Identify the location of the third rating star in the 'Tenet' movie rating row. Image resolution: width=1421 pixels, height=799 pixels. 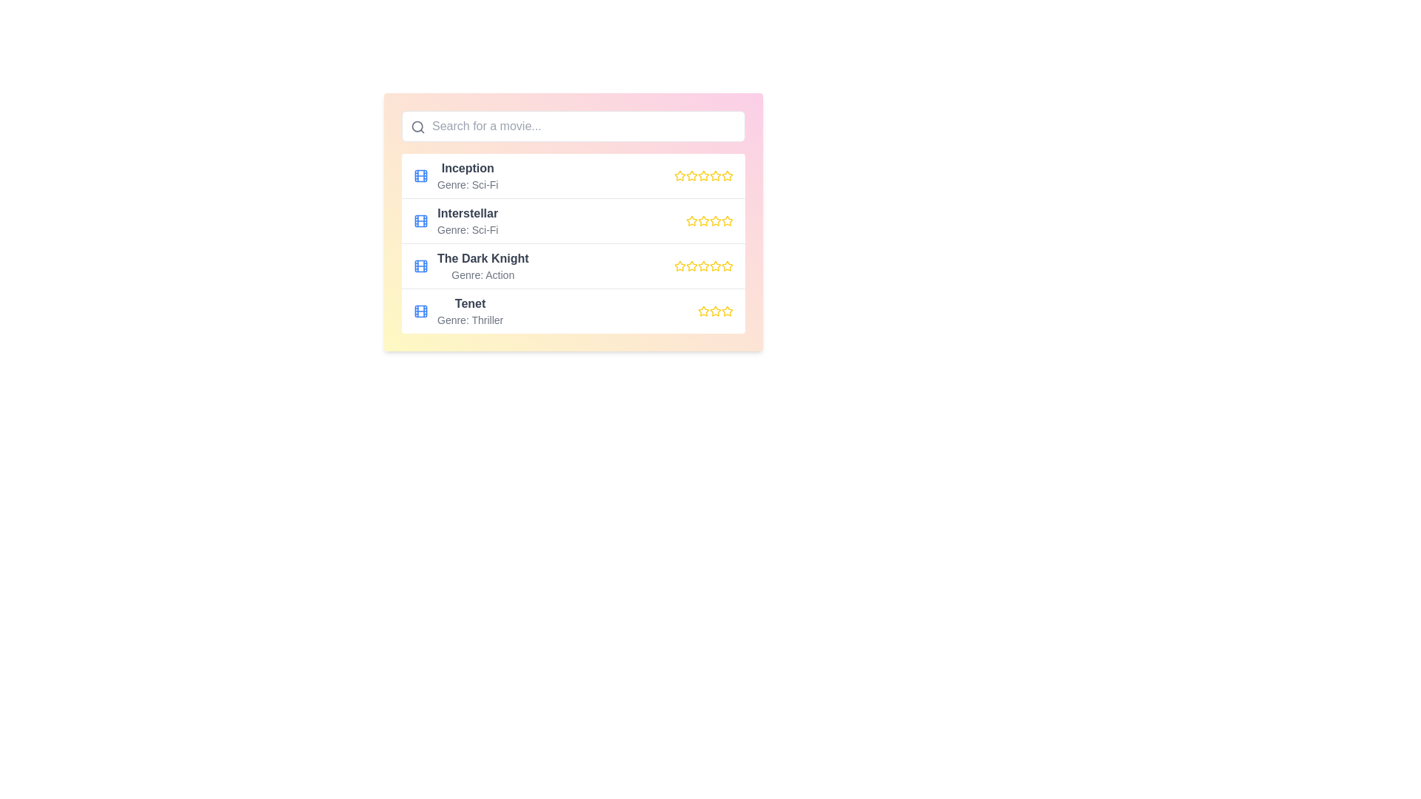
(715, 310).